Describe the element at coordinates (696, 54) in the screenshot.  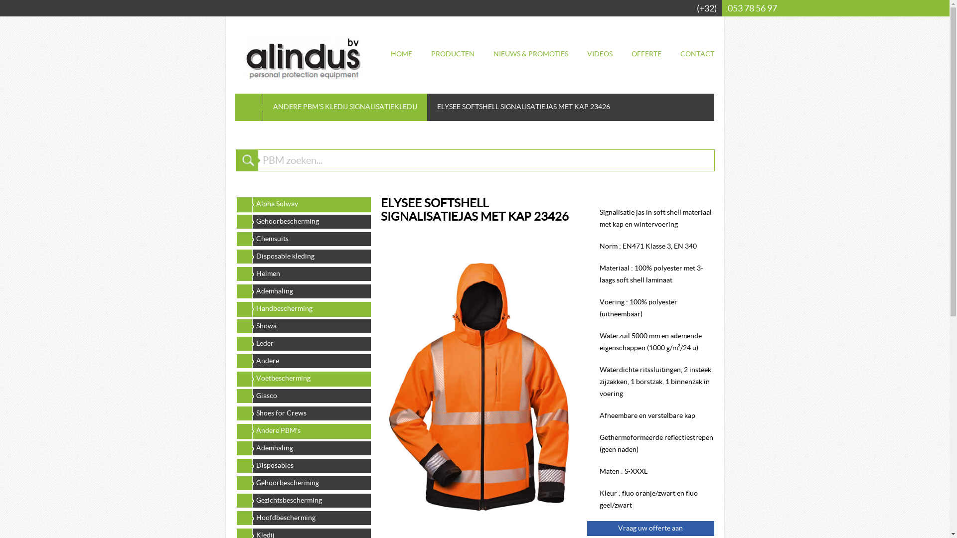
I see `'CONTACT'` at that location.